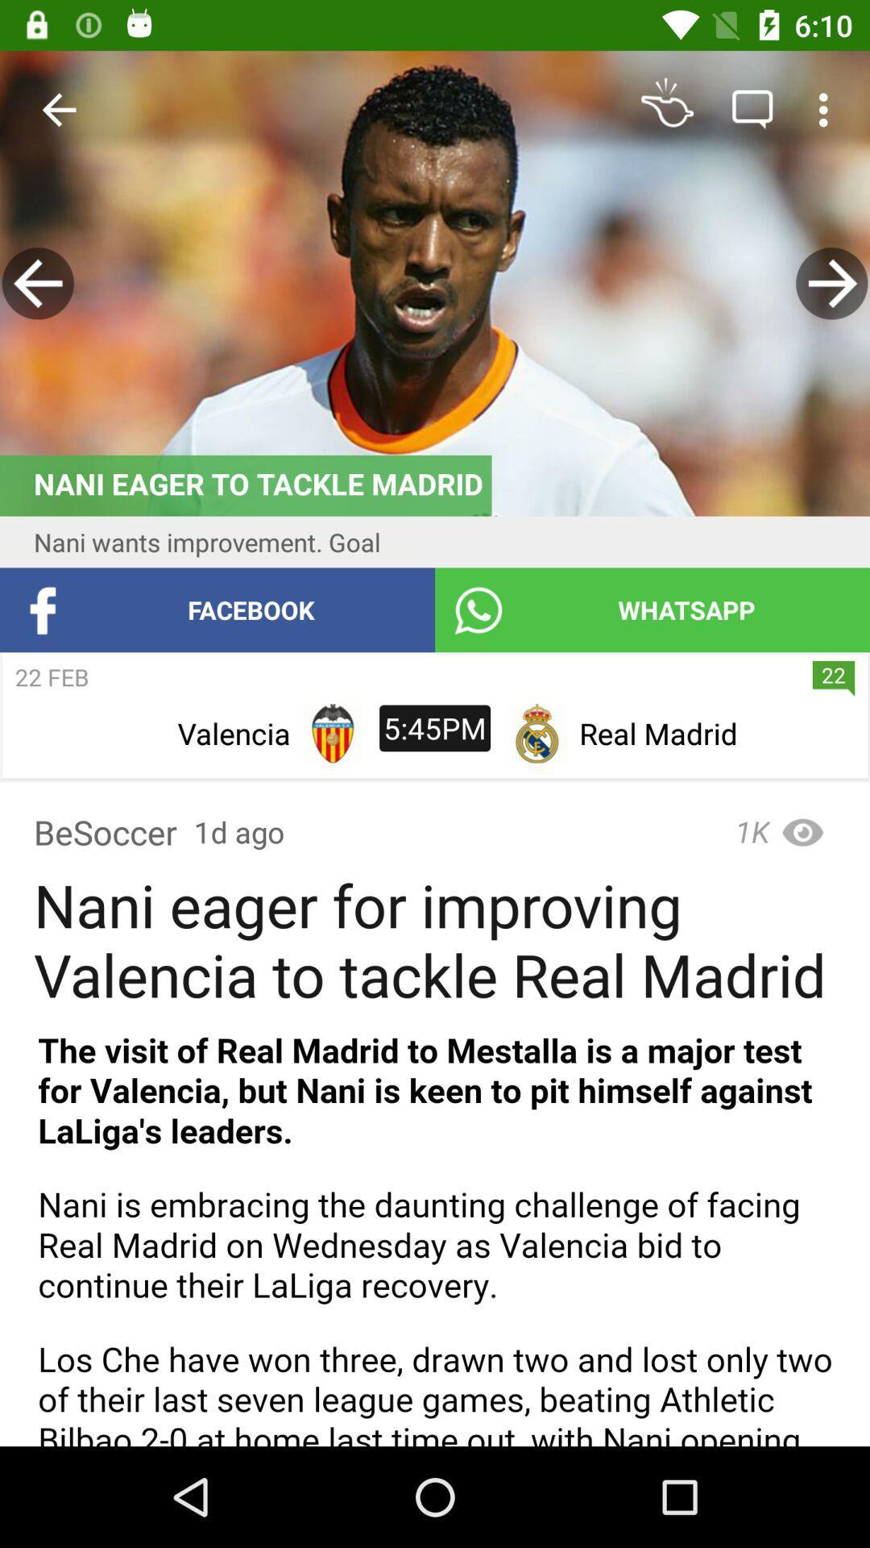 The height and width of the screenshot is (1548, 870). Describe the element at coordinates (831, 283) in the screenshot. I see `back bate` at that location.